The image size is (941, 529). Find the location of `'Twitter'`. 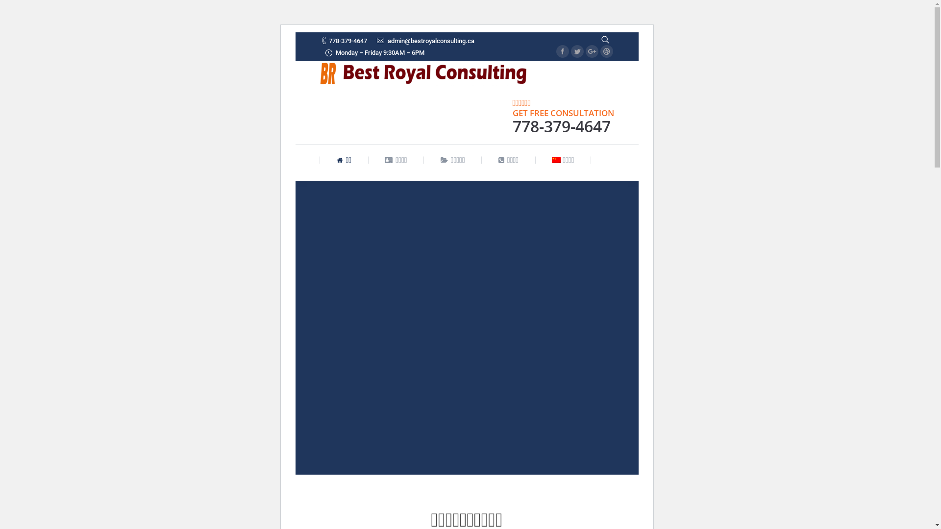

'Twitter' is located at coordinates (576, 51).